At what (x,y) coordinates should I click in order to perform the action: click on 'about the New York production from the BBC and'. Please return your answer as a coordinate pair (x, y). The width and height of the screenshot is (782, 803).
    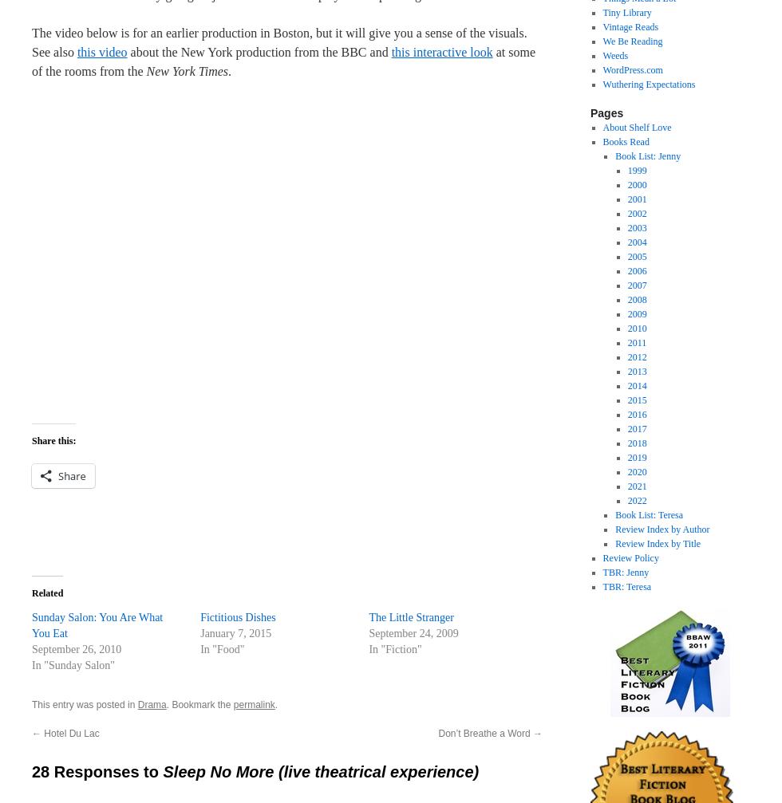
    Looking at the image, I should click on (126, 52).